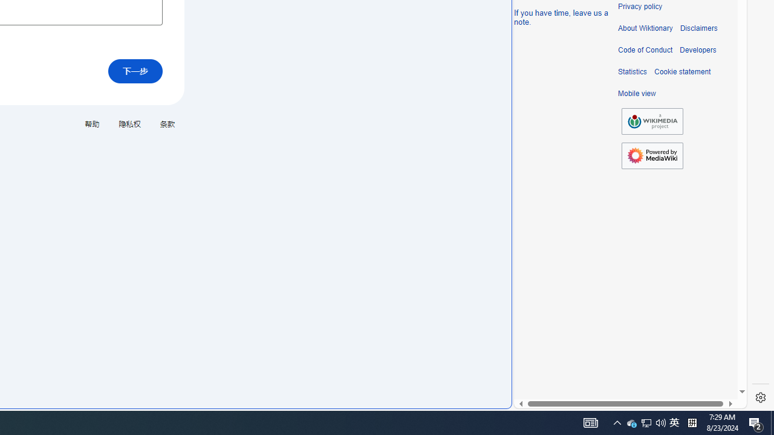  Describe the element at coordinates (636, 93) in the screenshot. I see `'Mobile view'` at that location.